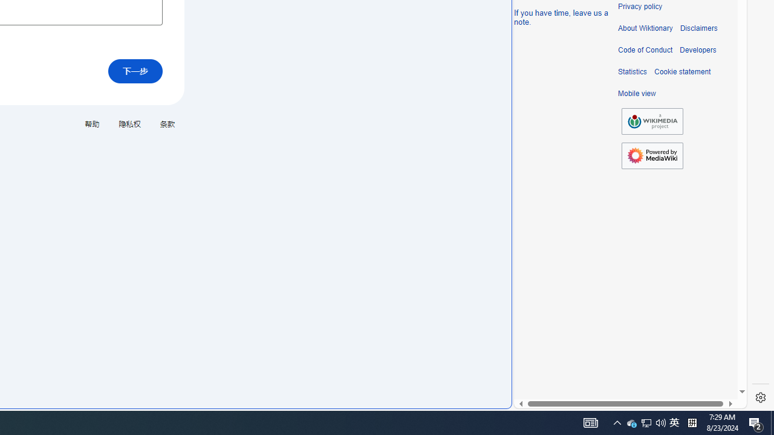  Describe the element at coordinates (636, 93) in the screenshot. I see `'Mobile view'` at that location.